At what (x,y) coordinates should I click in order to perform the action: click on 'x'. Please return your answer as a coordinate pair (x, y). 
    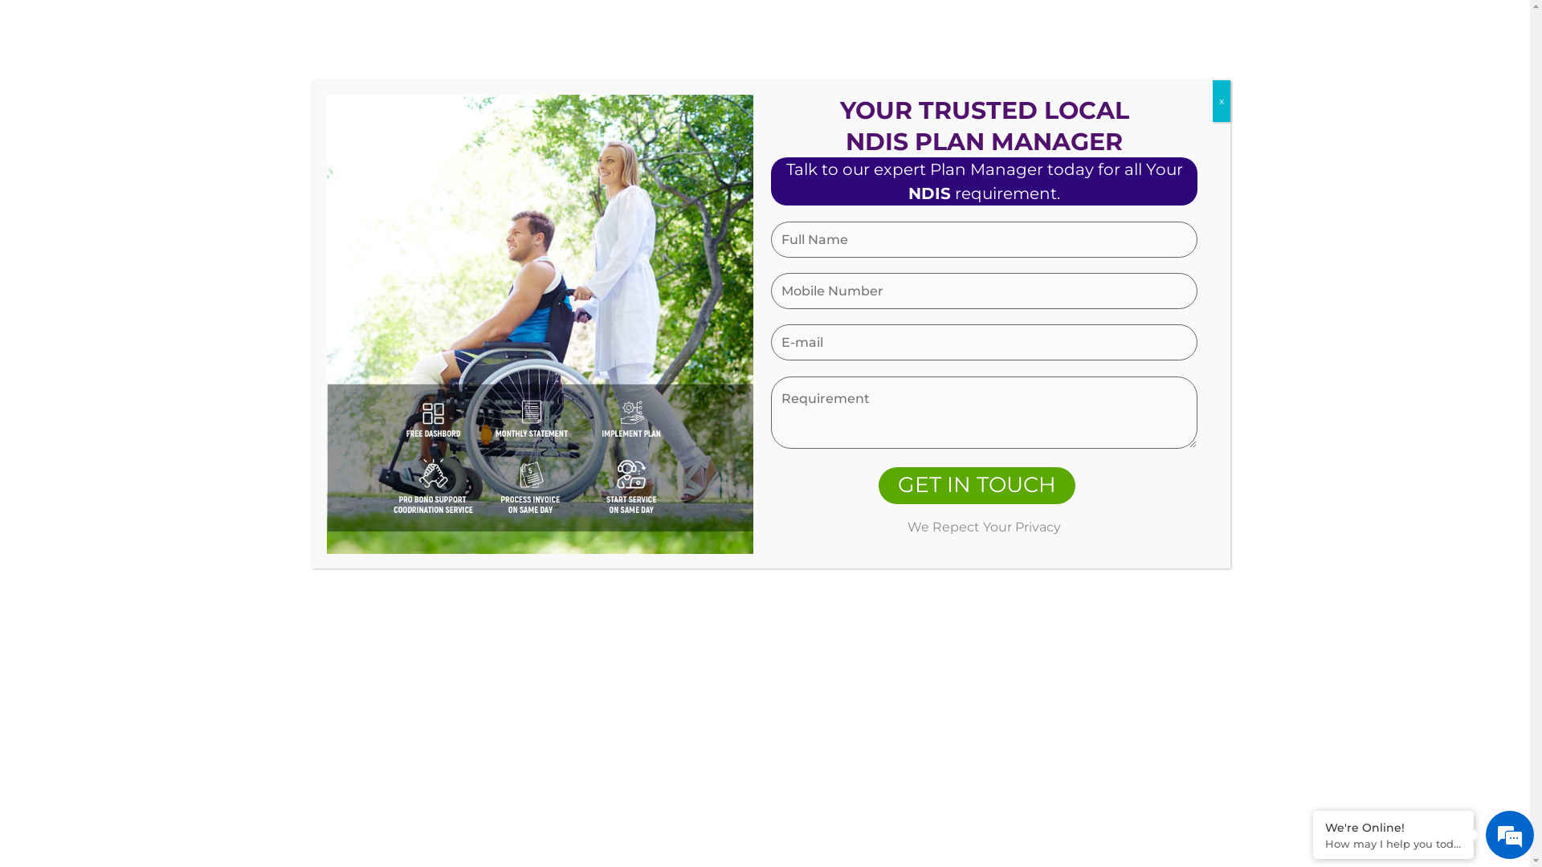
    Looking at the image, I should click on (1221, 101).